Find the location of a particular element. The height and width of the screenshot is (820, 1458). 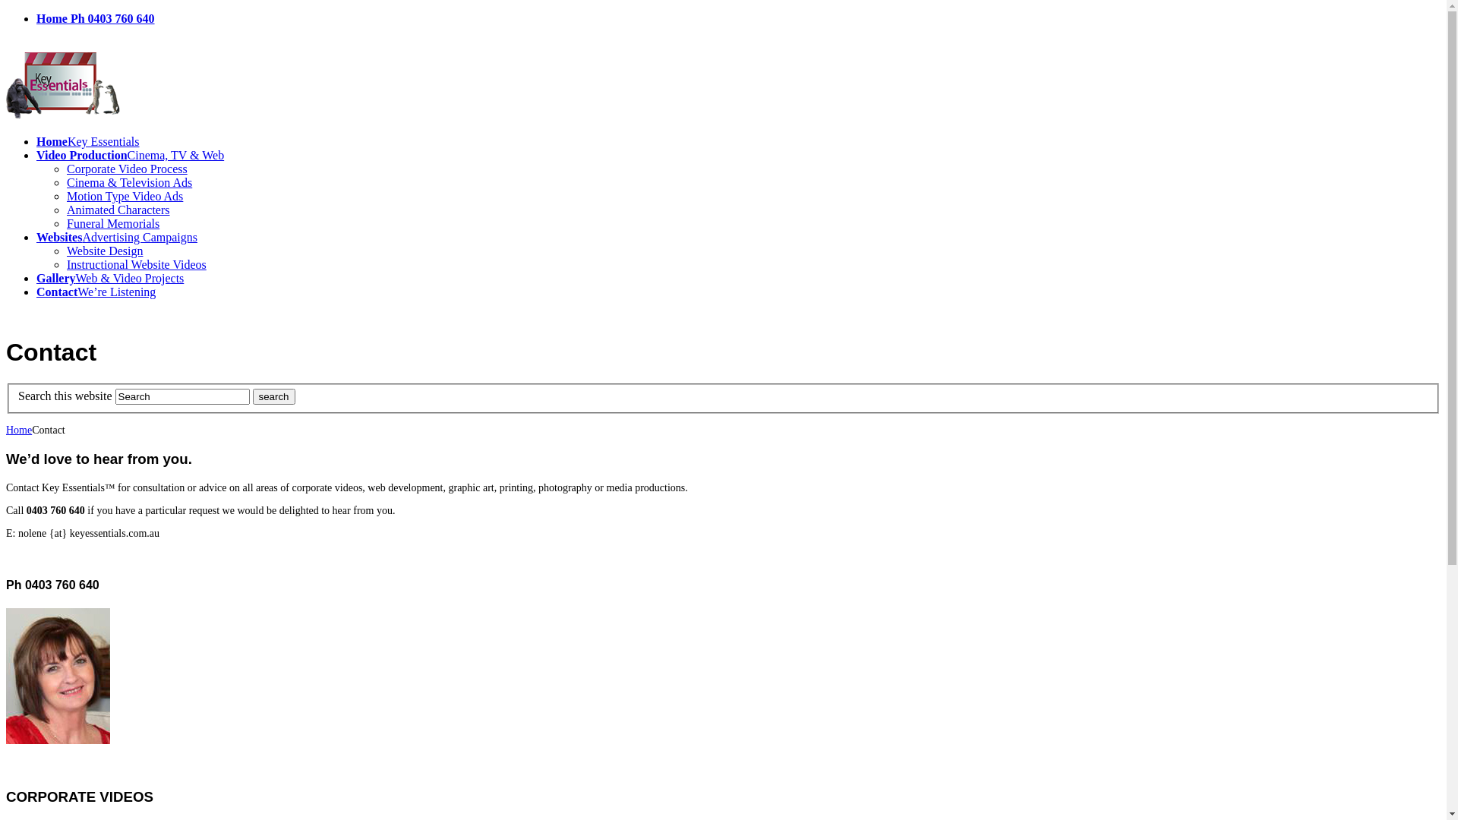

'GalleryWeb & Video Projects' is located at coordinates (36, 278).